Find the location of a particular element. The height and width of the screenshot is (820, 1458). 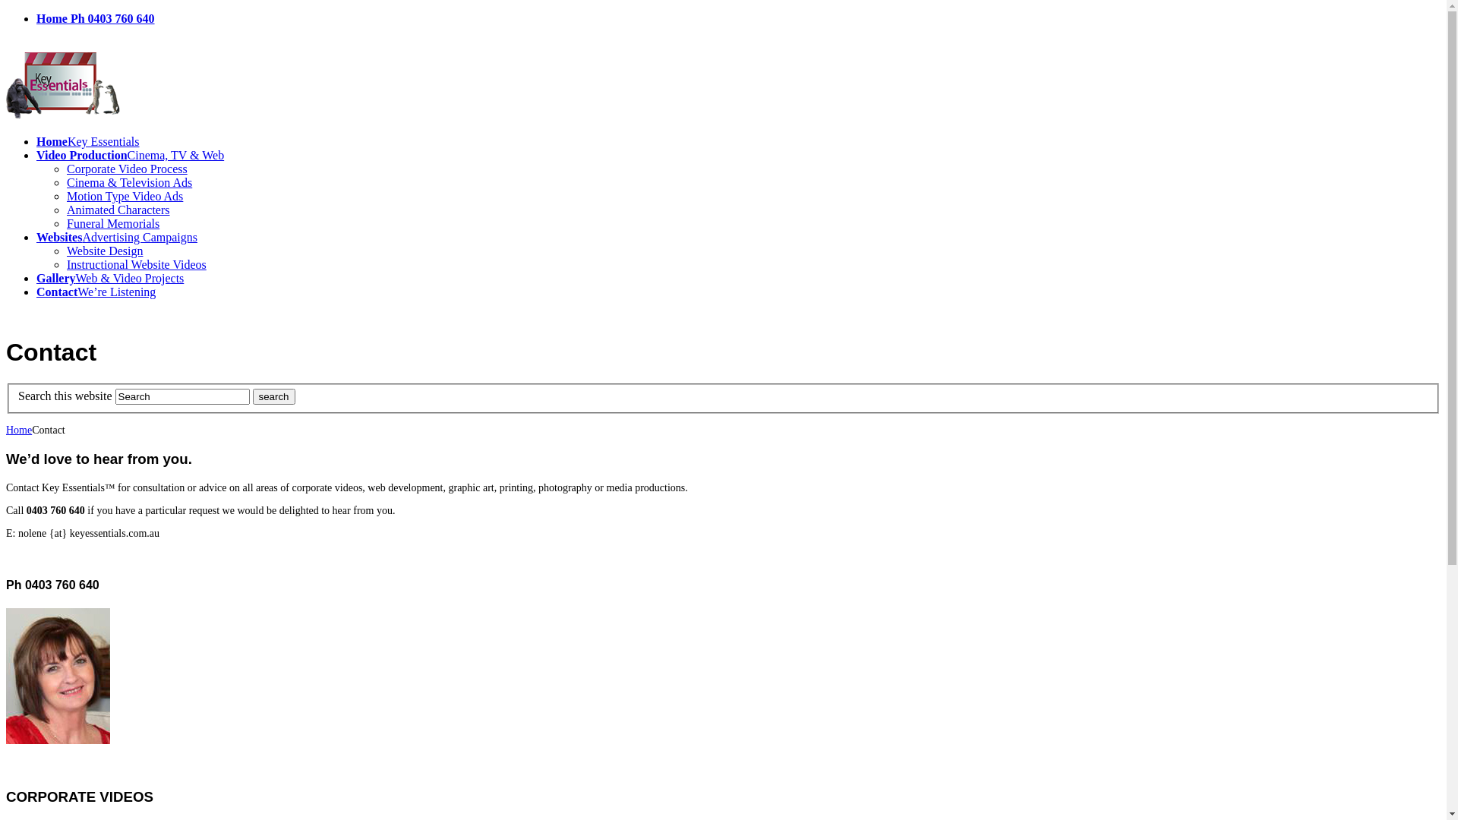

'GalleryWeb & Video Projects' is located at coordinates (36, 278).